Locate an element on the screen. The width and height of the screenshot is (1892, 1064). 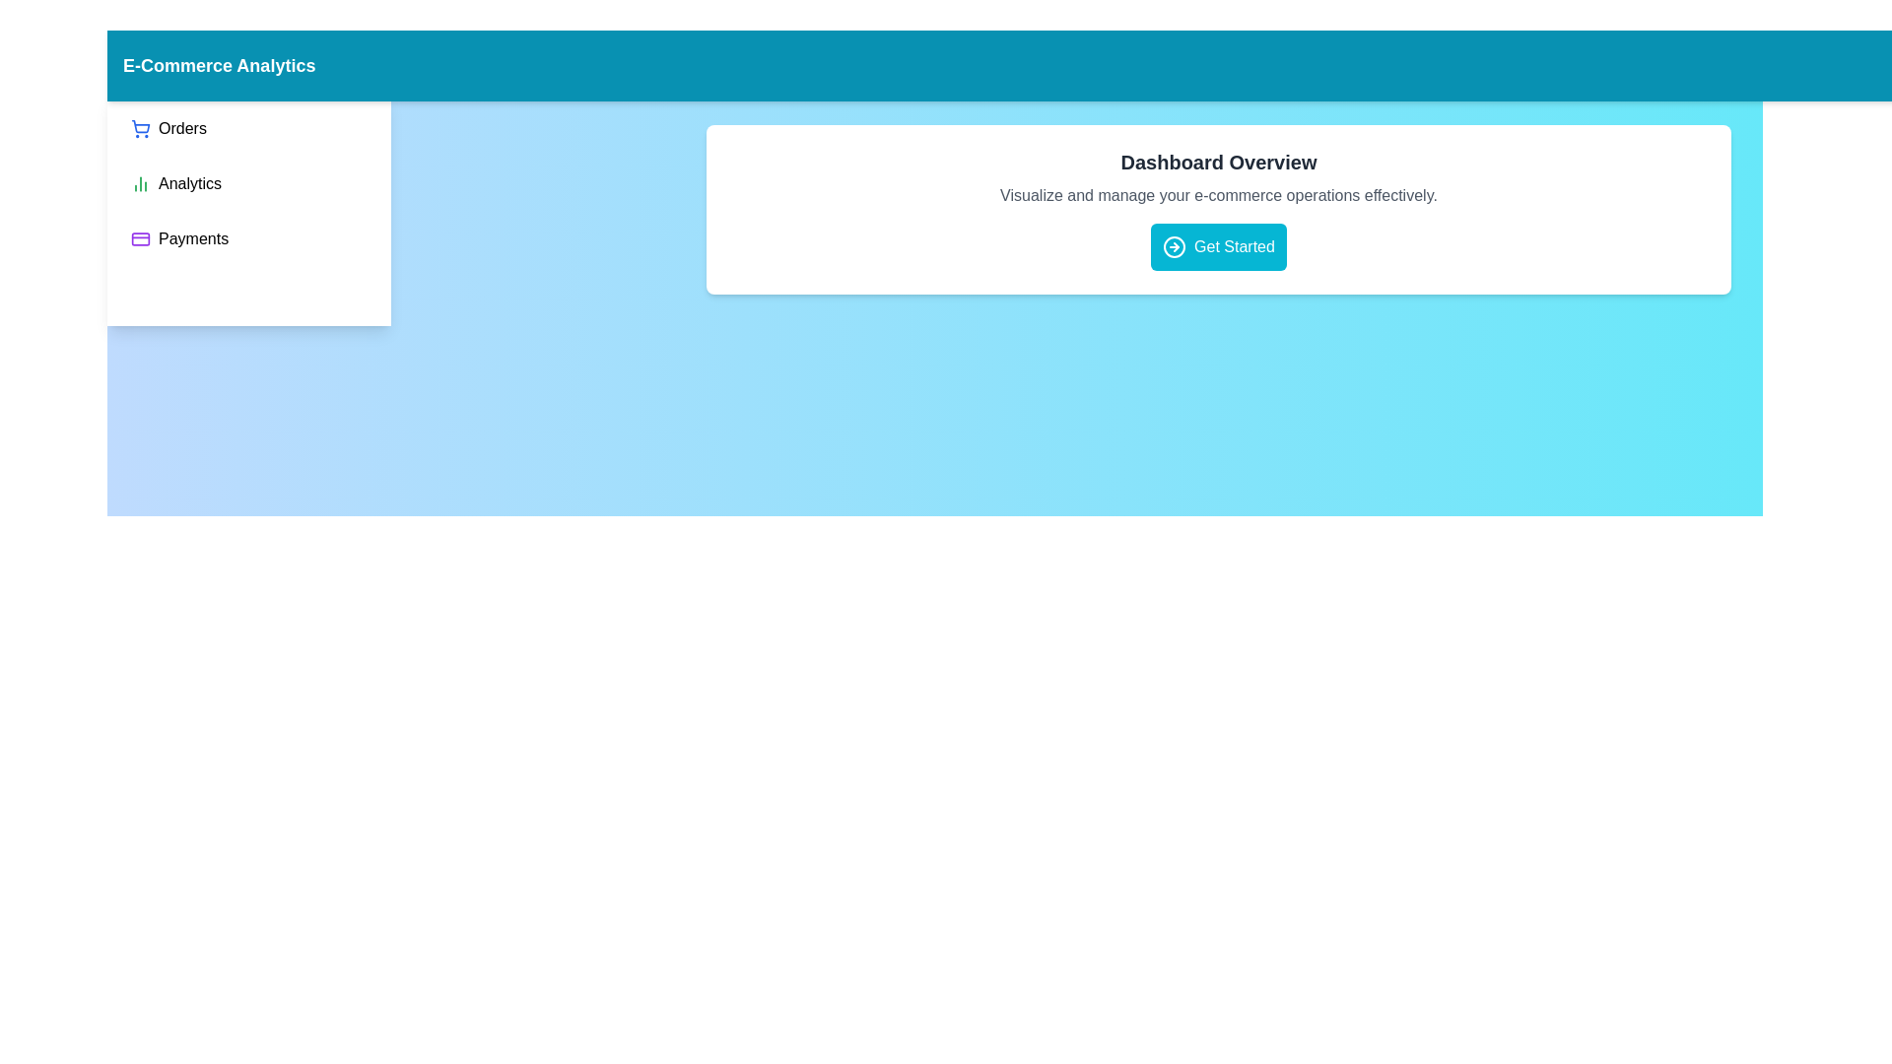
text label displaying 'E-Commerce Analytics' which is styled in bold and semibold font against a cyan background, located at the top-left corner of the header section is located at coordinates (219, 64).